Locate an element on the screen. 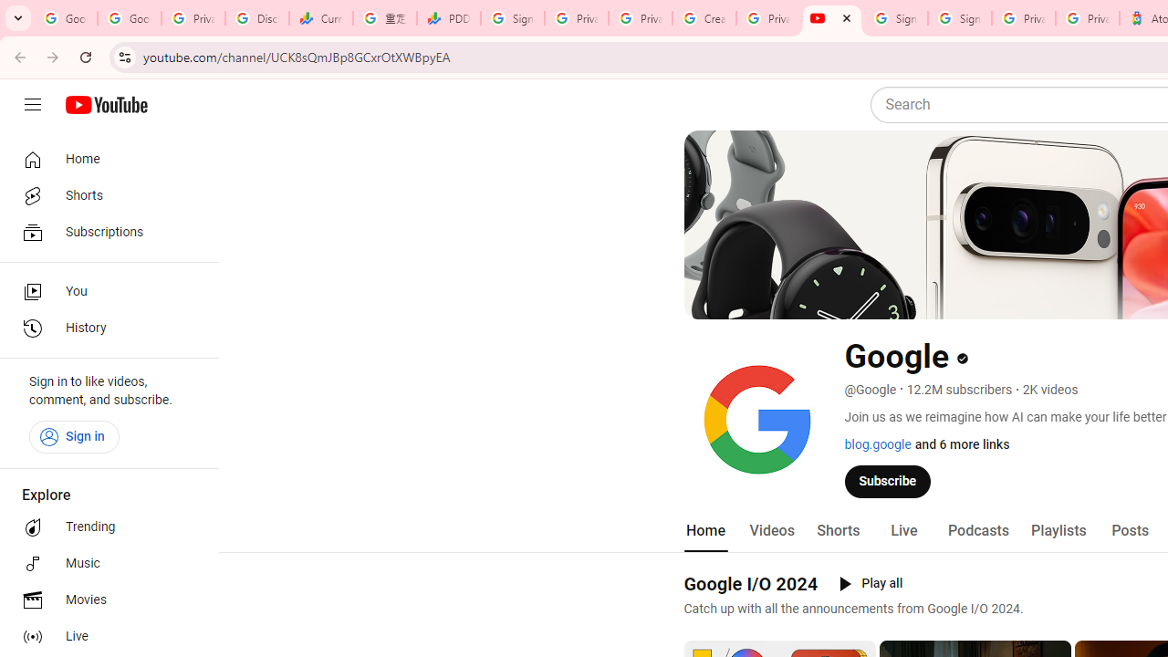 This screenshot has width=1168, height=657. 'Subscriptions' is located at coordinates (102, 231).